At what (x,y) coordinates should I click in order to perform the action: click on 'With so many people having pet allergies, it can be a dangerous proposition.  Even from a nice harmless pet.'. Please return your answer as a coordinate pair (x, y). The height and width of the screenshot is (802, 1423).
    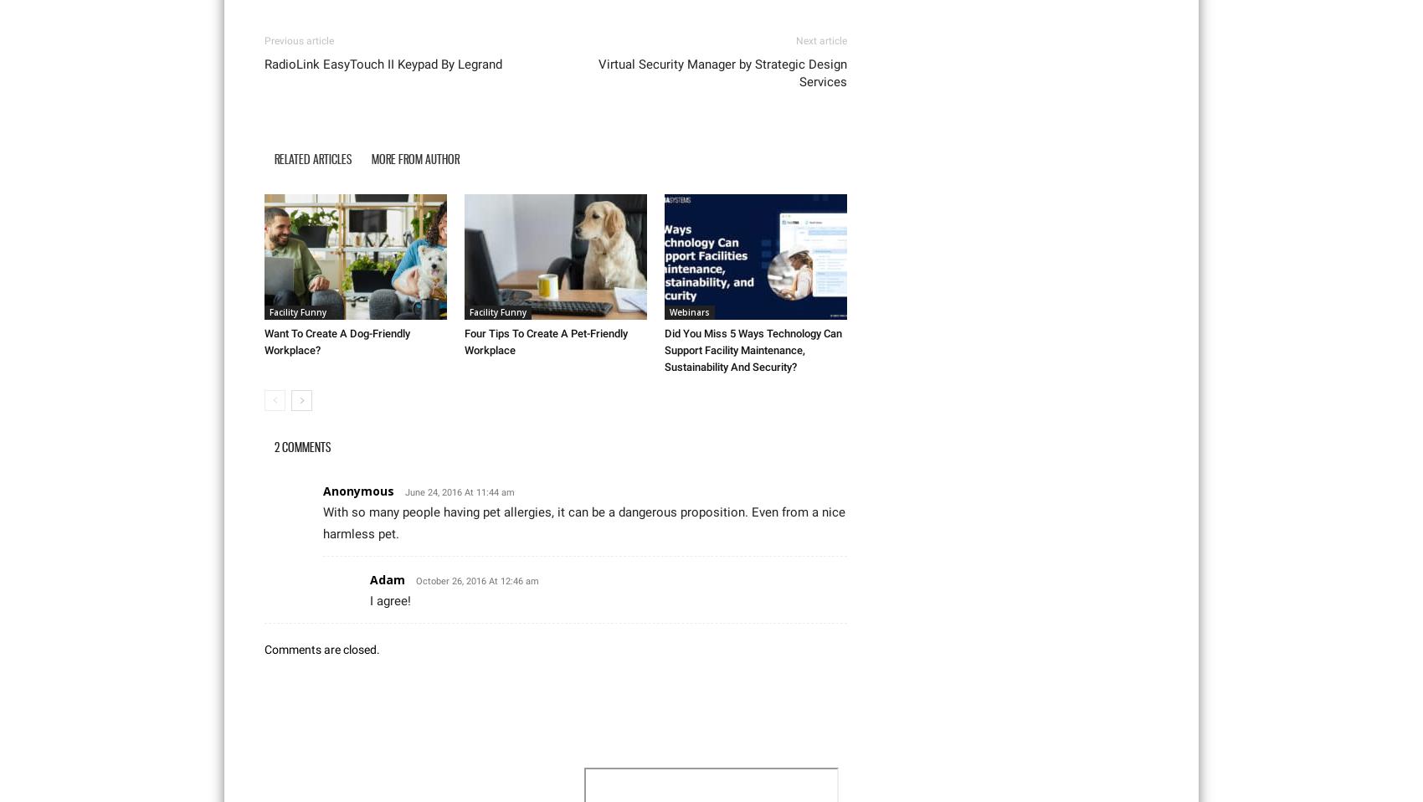
    Looking at the image, I should click on (584, 522).